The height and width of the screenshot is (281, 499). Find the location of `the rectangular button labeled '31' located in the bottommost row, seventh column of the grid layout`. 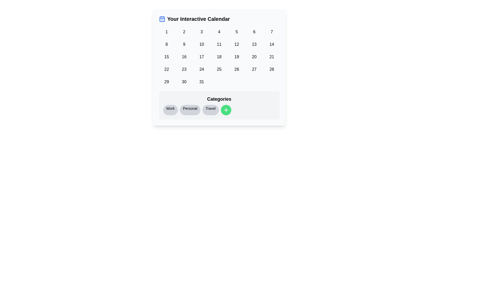

the rectangular button labeled '31' located in the bottommost row, seventh column of the grid layout is located at coordinates (201, 82).